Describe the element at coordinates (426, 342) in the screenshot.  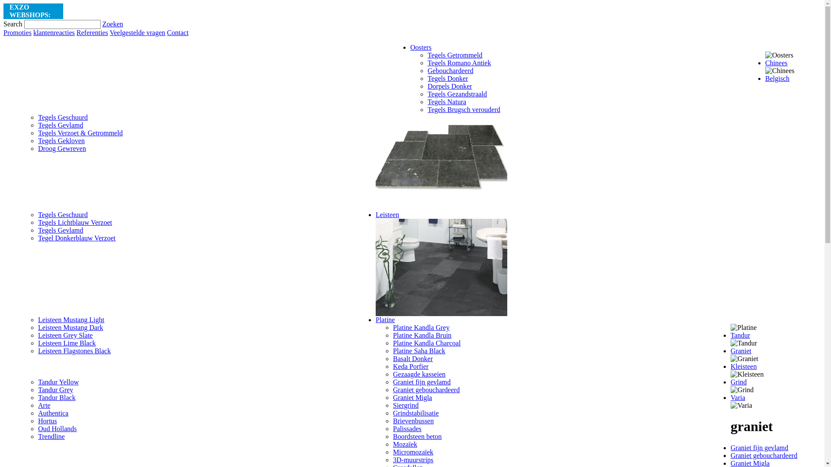
I see `'Platine Kandla Charcoal'` at that location.